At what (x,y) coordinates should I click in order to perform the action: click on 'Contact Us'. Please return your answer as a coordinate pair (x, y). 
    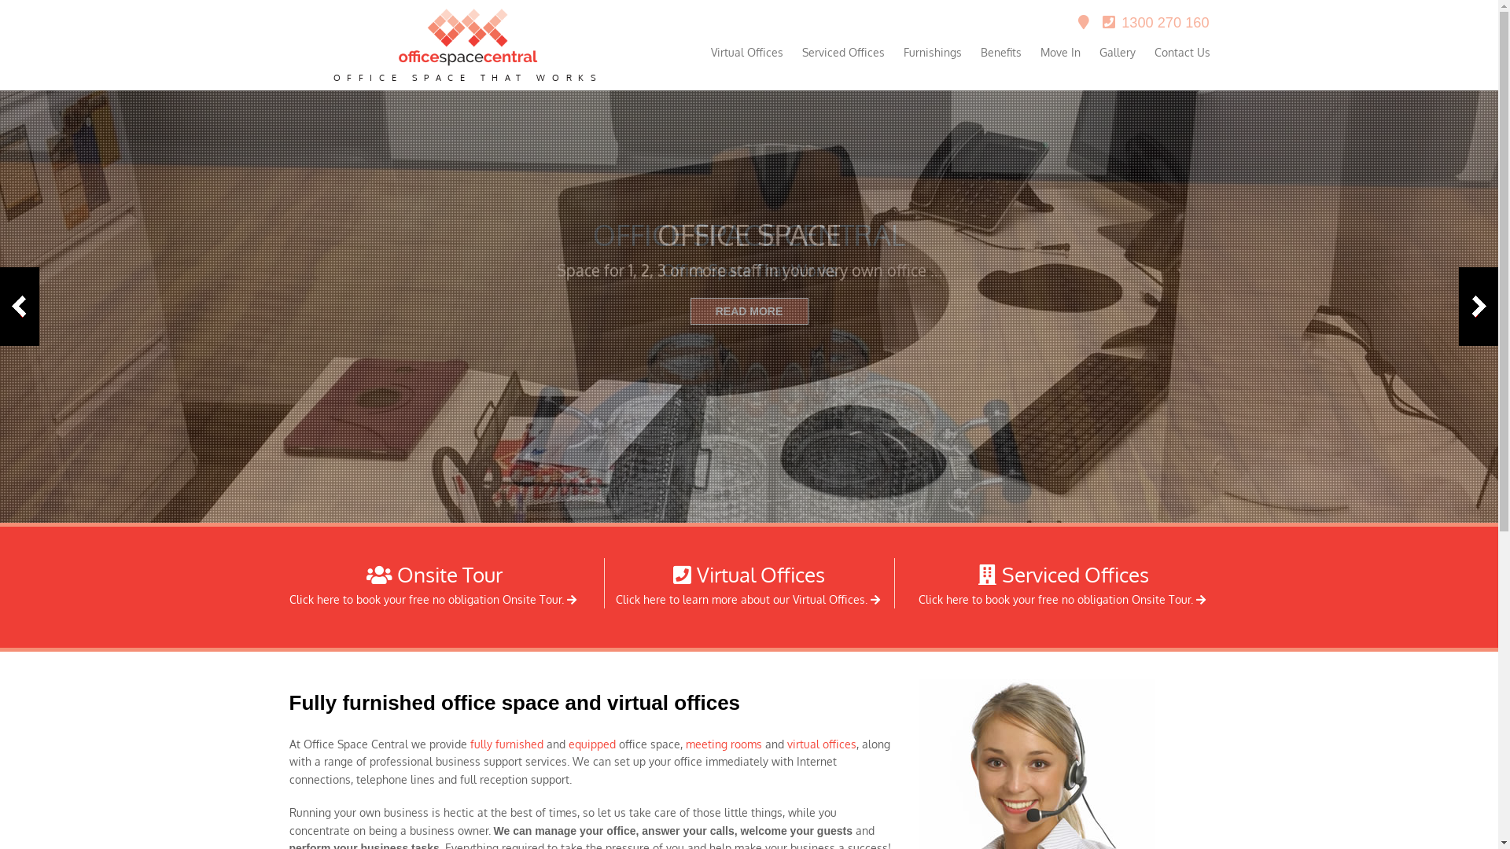
    Looking at the image, I should click on (1182, 51).